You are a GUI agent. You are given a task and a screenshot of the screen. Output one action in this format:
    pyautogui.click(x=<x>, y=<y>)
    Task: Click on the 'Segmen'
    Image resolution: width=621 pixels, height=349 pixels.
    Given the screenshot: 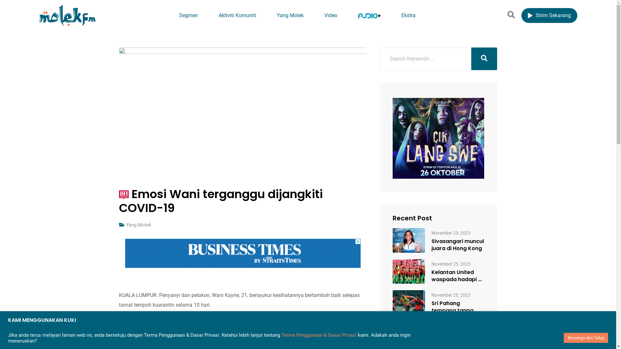 What is the action you would take?
    pyautogui.click(x=188, y=15)
    